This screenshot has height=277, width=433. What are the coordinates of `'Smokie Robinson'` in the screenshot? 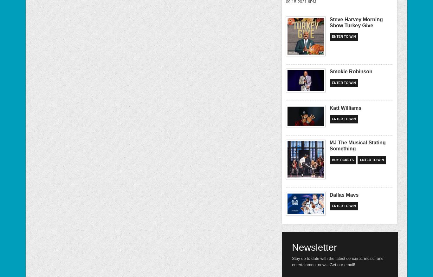 It's located at (350, 71).